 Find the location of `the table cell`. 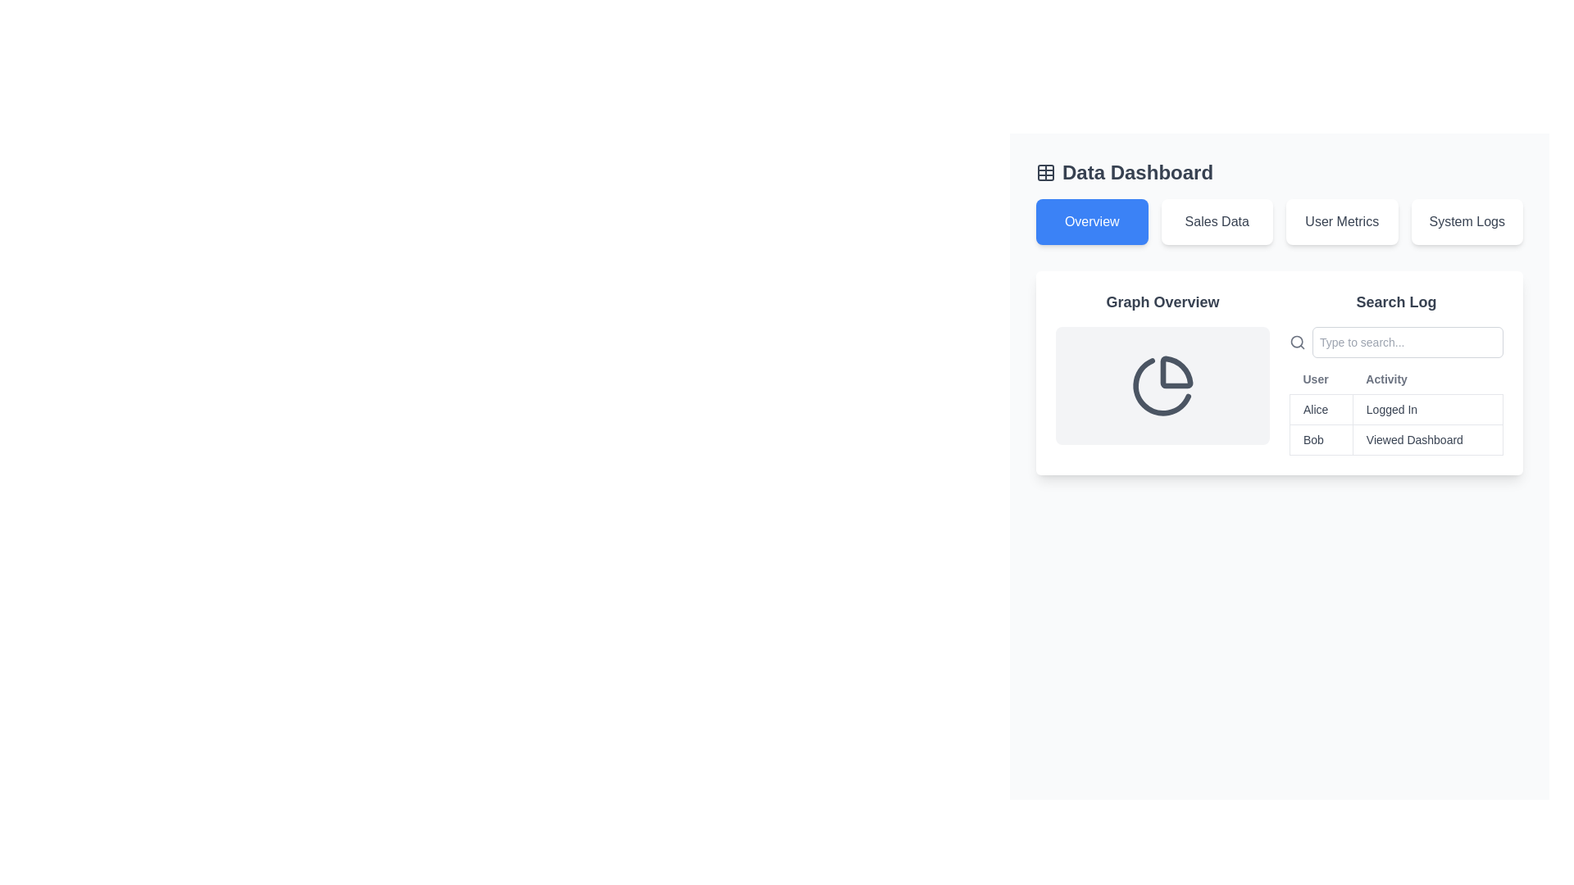

the table cell is located at coordinates (1395, 409).